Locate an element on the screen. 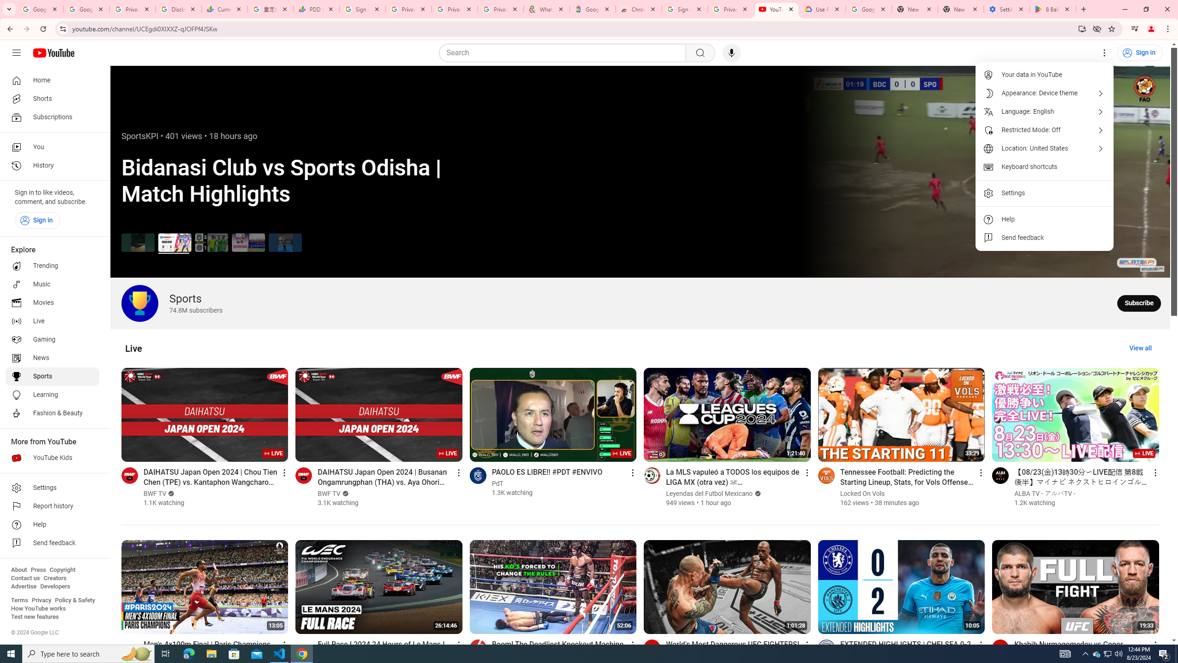  'Contact us' is located at coordinates (25, 578).